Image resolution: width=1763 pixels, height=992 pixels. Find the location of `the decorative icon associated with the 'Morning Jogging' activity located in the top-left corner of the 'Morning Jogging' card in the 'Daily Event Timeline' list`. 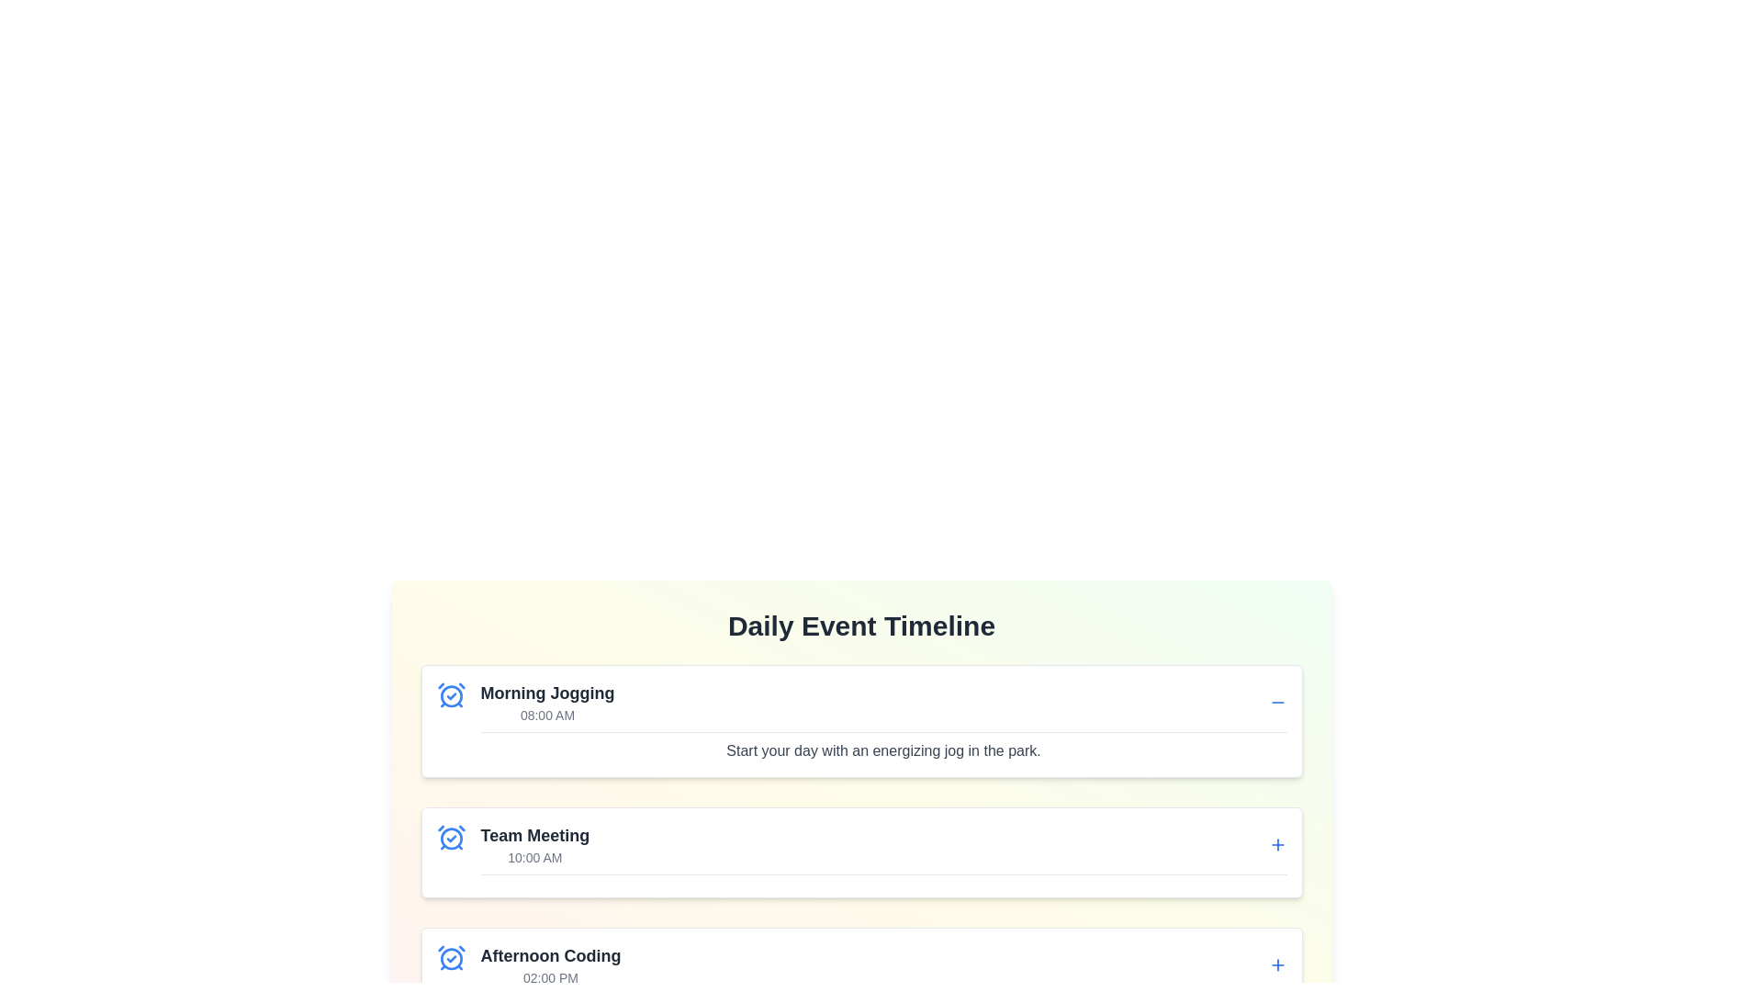

the decorative icon associated with the 'Morning Jogging' activity located in the top-left corner of the 'Morning Jogging' card in the 'Daily Event Timeline' list is located at coordinates (451, 694).